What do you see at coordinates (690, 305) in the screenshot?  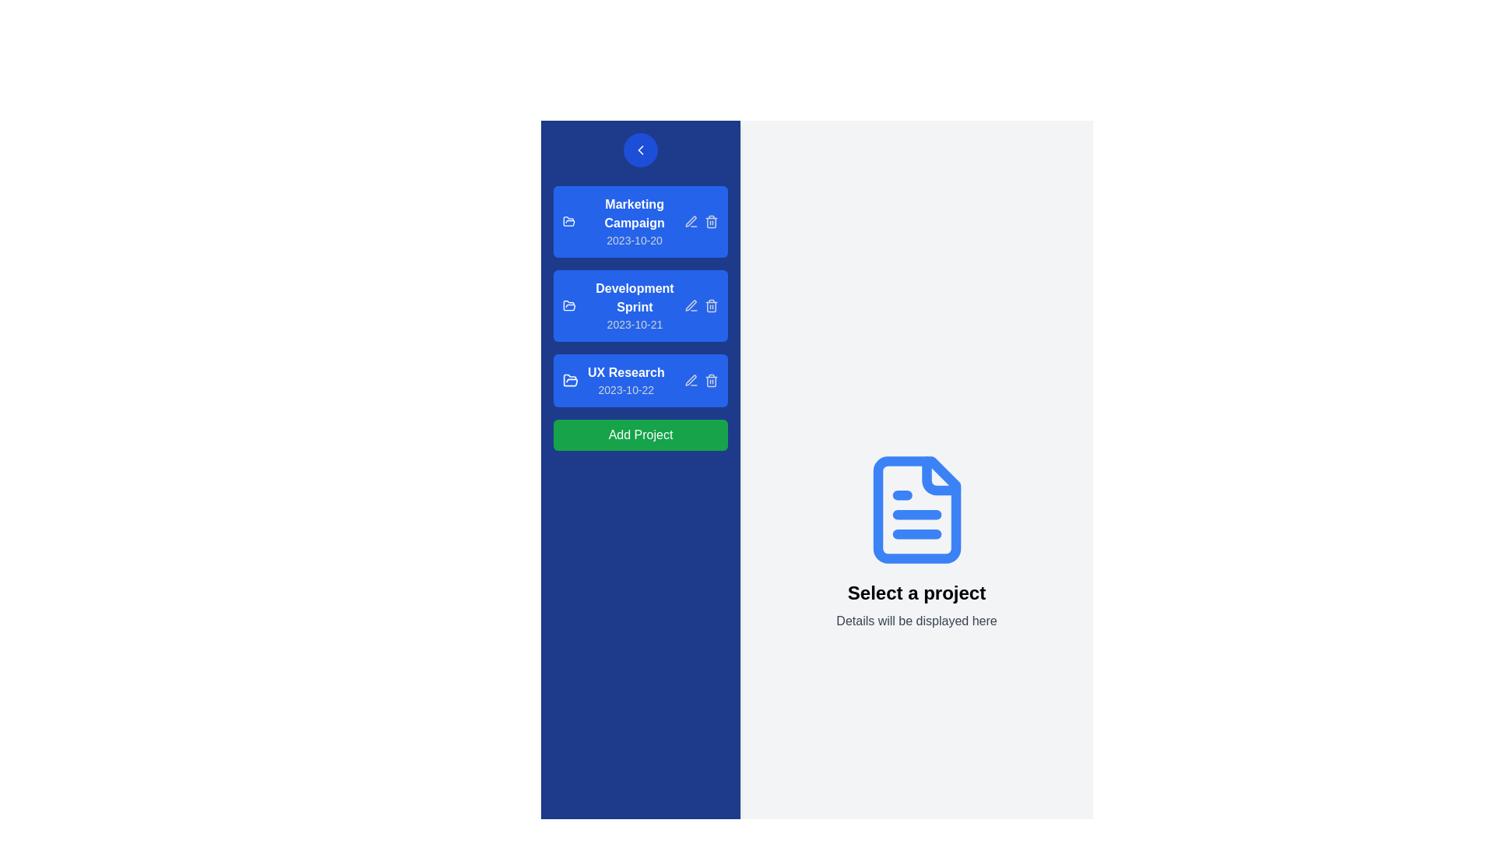 I see `the pen icon button located to the right of the 'Development Sprint' text to initiate edit mode for the associated list item` at bounding box center [690, 305].